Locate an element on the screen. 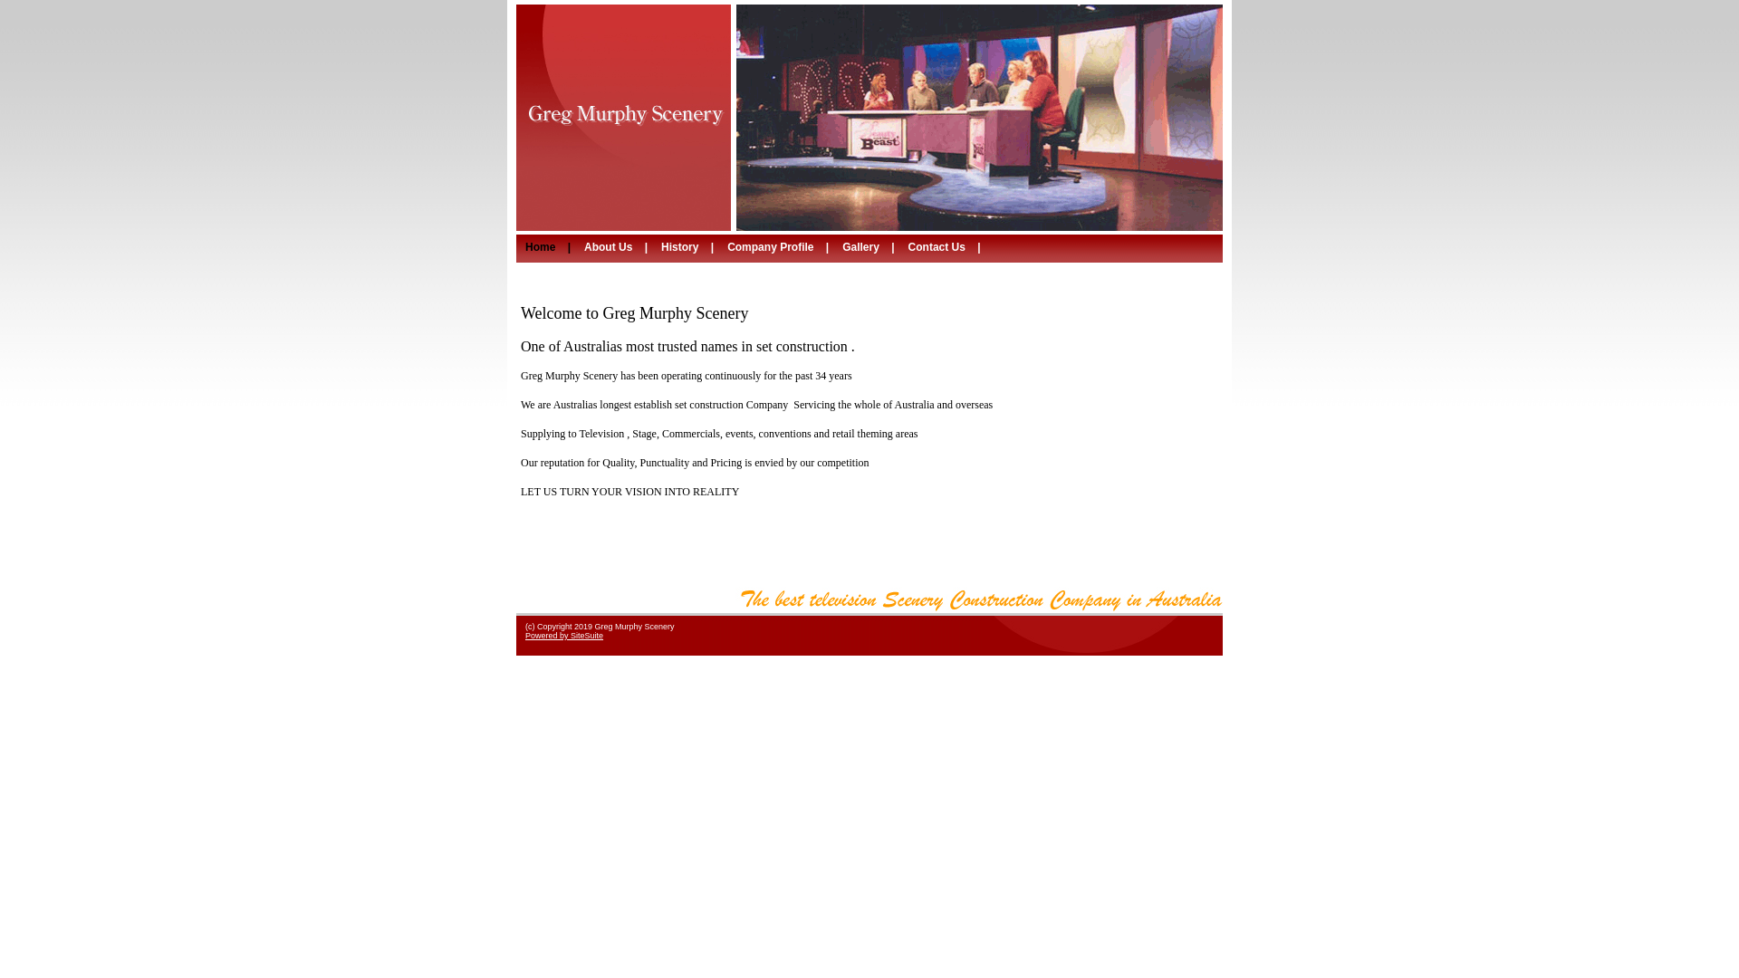 The width and height of the screenshot is (1739, 978). 'About Us    |   ' is located at coordinates (578, 247).